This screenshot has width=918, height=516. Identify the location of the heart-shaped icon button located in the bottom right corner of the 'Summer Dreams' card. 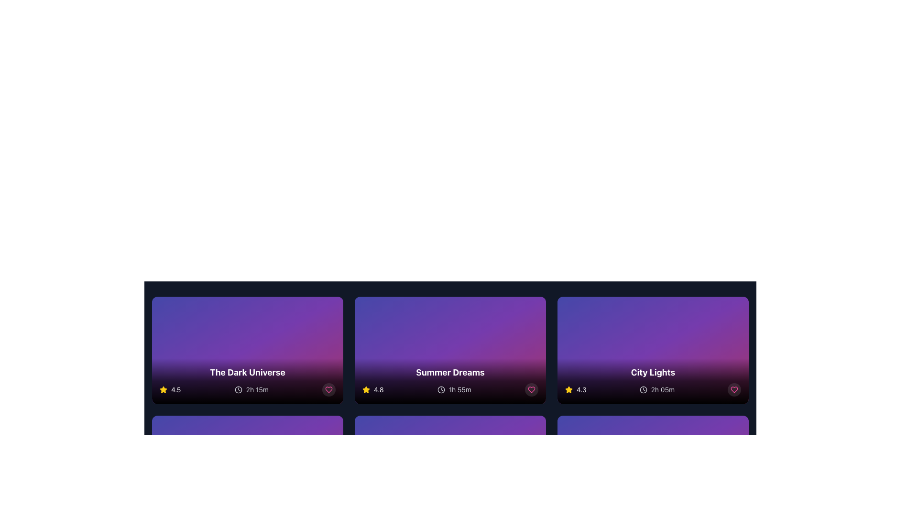
(531, 390).